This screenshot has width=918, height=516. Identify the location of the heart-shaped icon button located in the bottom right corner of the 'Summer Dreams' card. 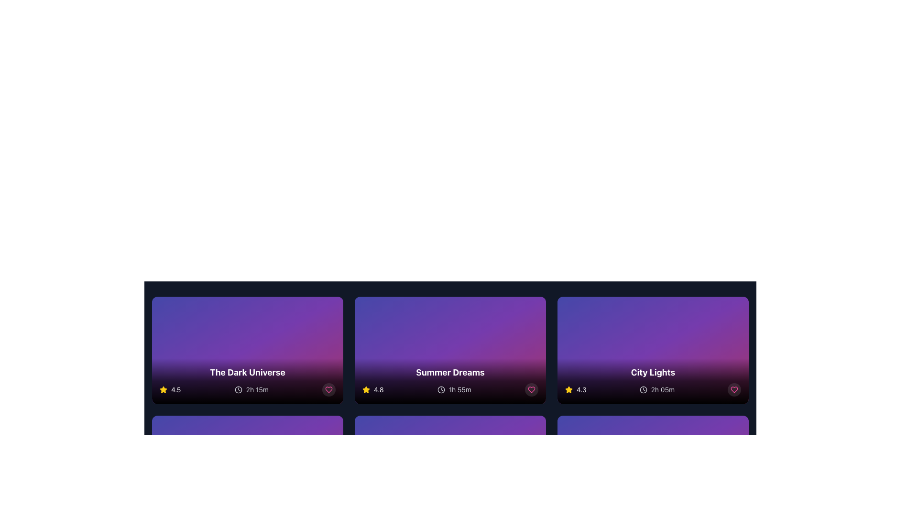
(531, 390).